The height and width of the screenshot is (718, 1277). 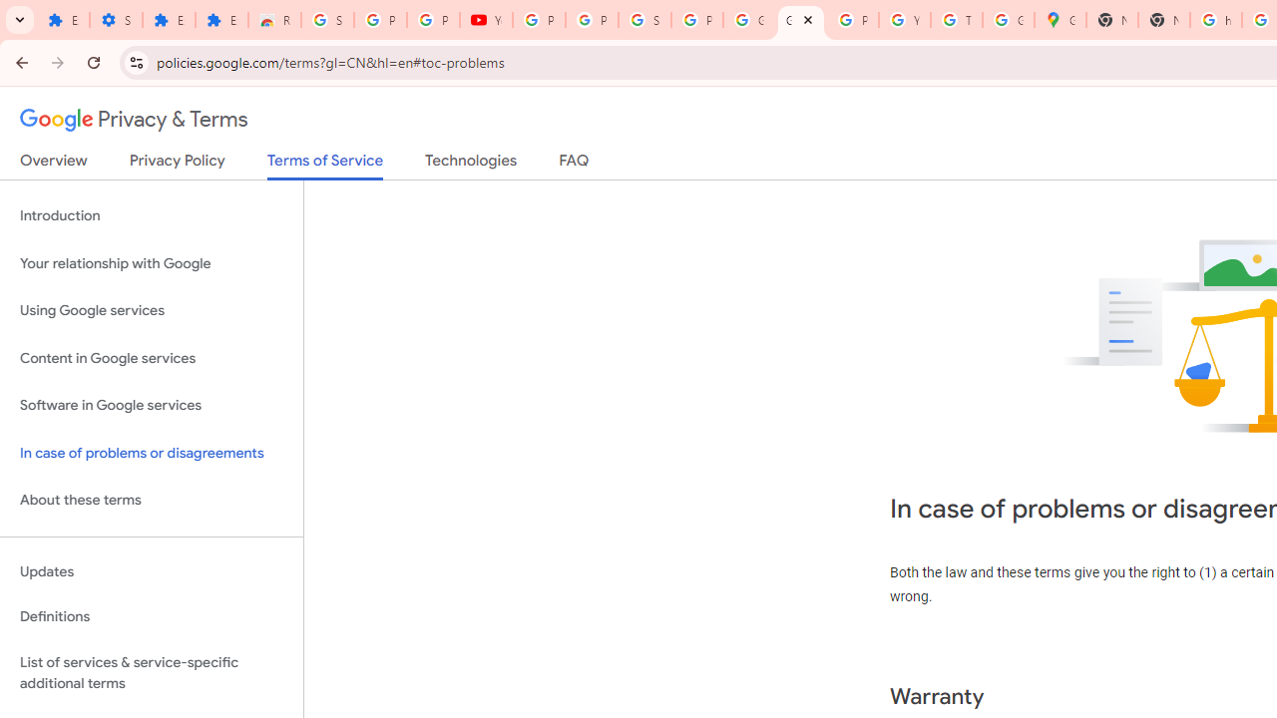 I want to click on 'Terms of Service', so click(x=325, y=165).